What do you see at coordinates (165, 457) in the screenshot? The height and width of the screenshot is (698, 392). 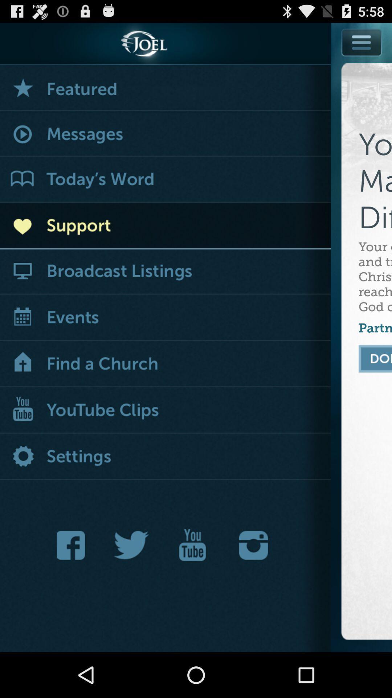 I see `settings button` at bounding box center [165, 457].